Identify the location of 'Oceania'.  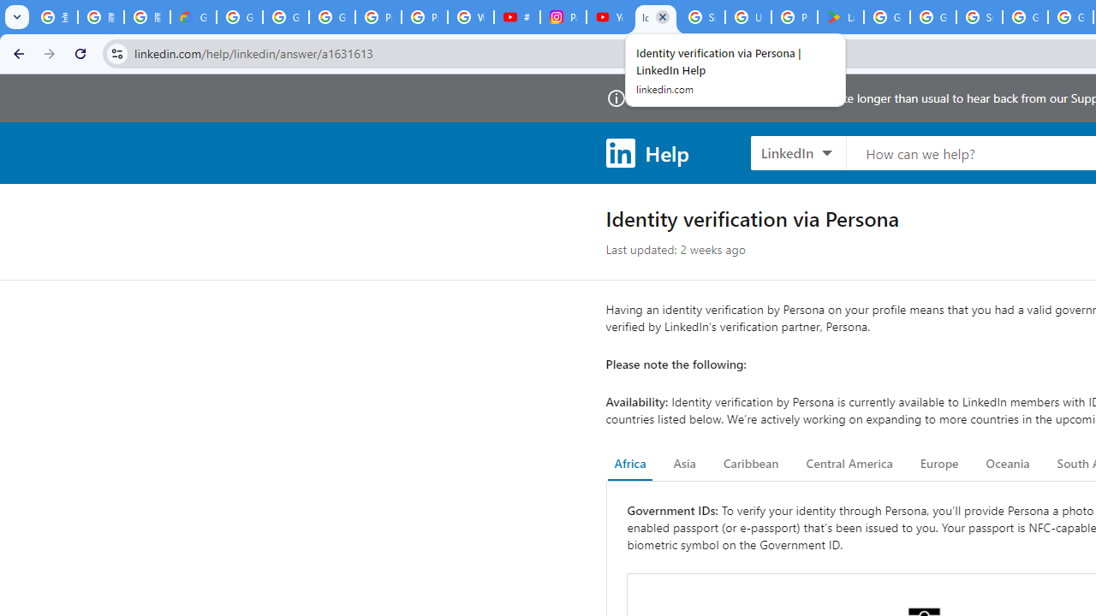
(1007, 464).